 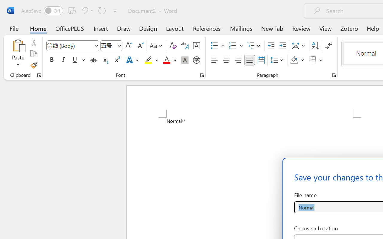 What do you see at coordinates (148, 60) in the screenshot?
I see `'Text Highlight Color Yellow'` at bounding box center [148, 60].